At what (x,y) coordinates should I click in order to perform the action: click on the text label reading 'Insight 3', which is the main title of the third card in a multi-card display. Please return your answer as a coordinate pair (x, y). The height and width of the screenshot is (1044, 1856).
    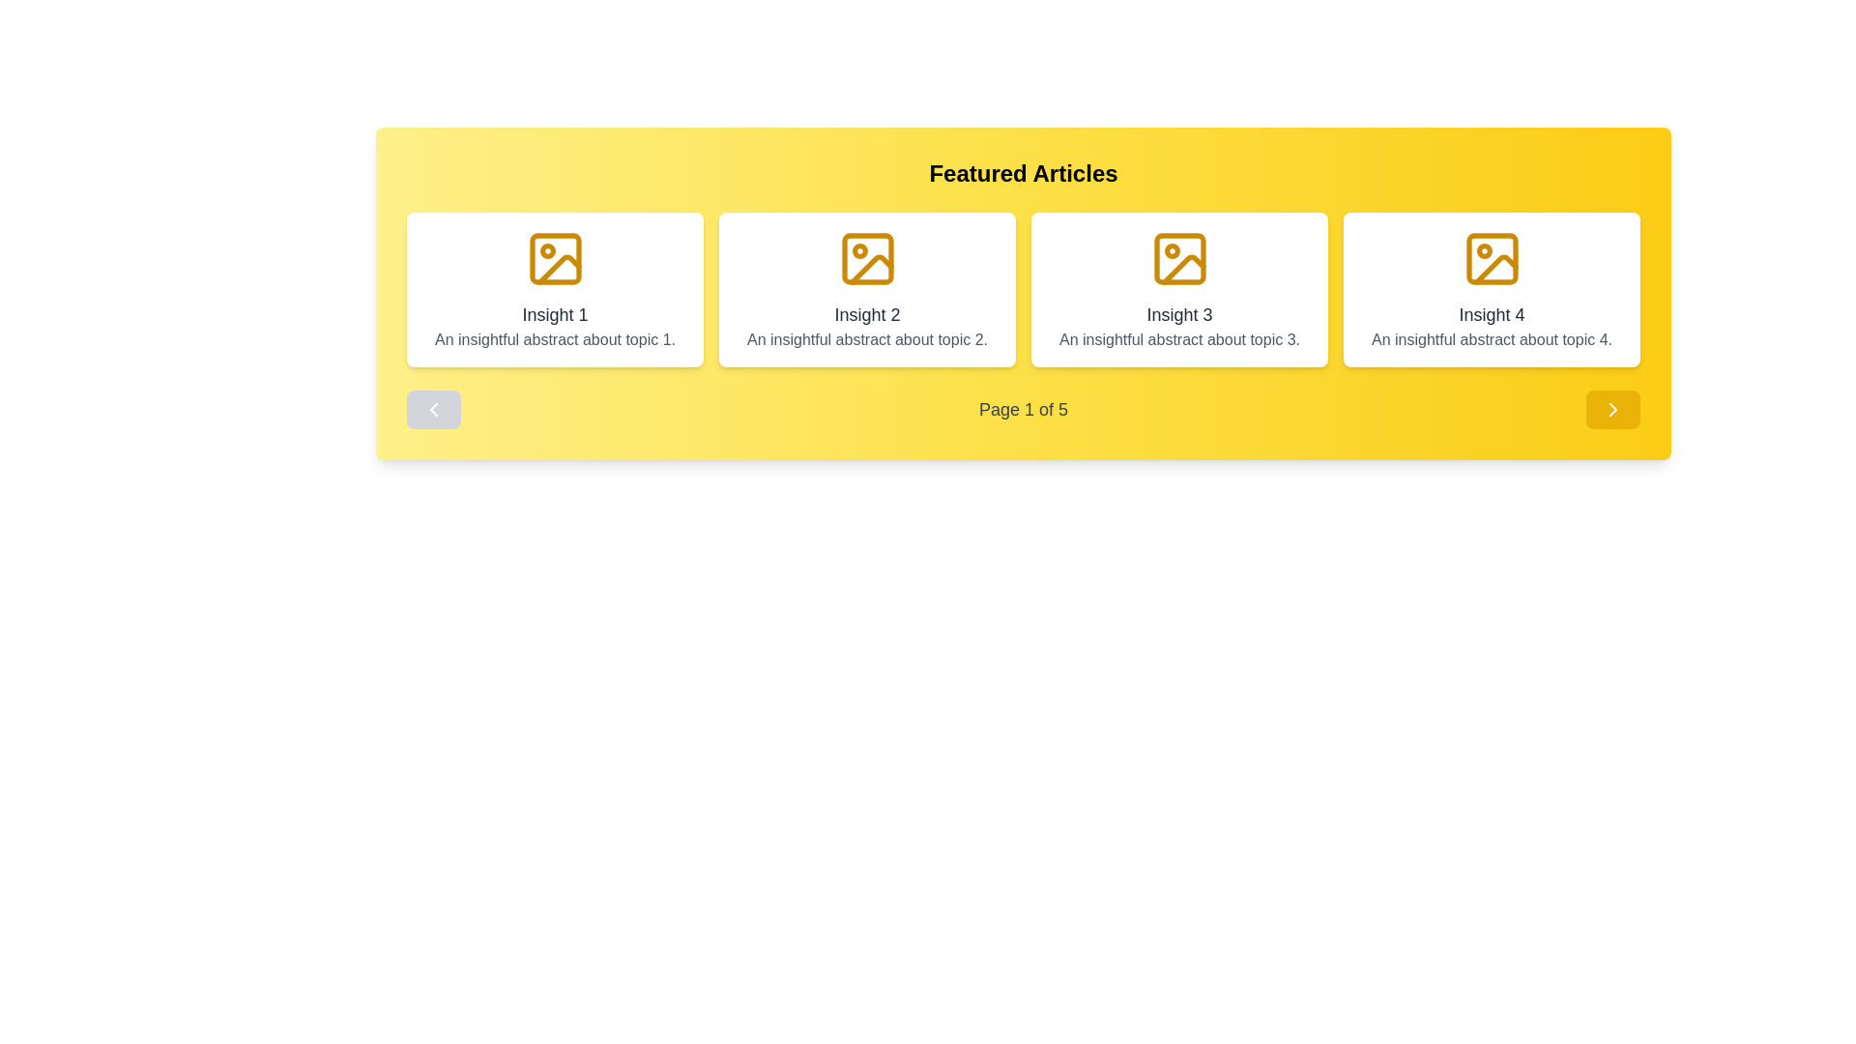
    Looking at the image, I should click on (1178, 314).